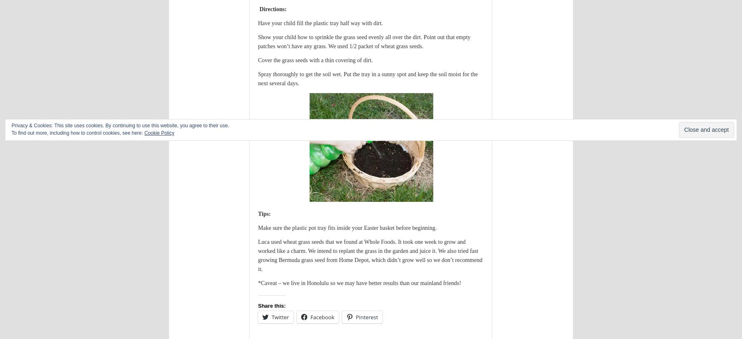  I want to click on 'Pinterest', so click(366, 316).